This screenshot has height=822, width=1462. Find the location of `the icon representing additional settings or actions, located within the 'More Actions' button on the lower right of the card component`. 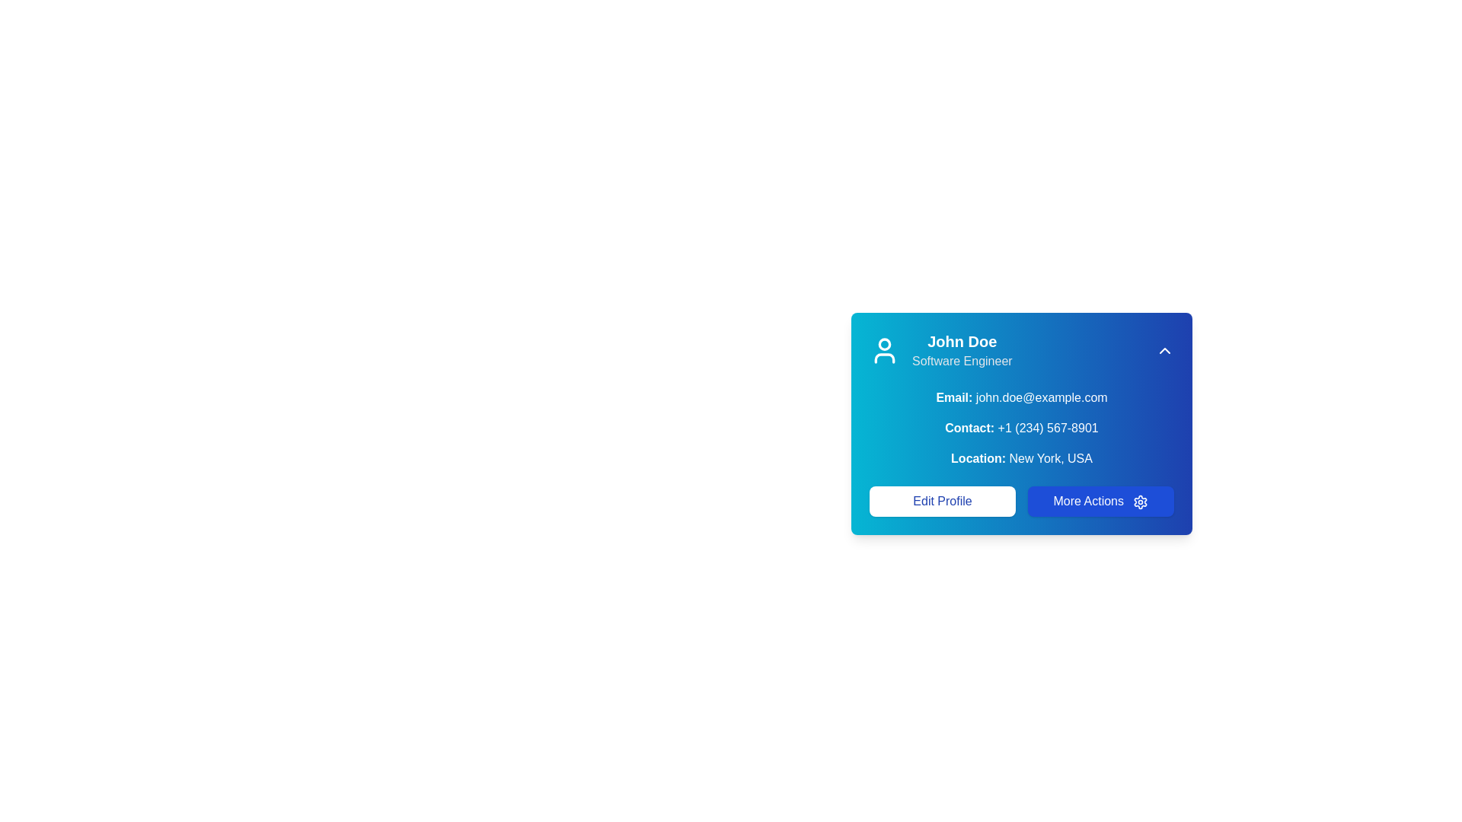

the icon representing additional settings or actions, located within the 'More Actions' button on the lower right of the card component is located at coordinates (1141, 502).